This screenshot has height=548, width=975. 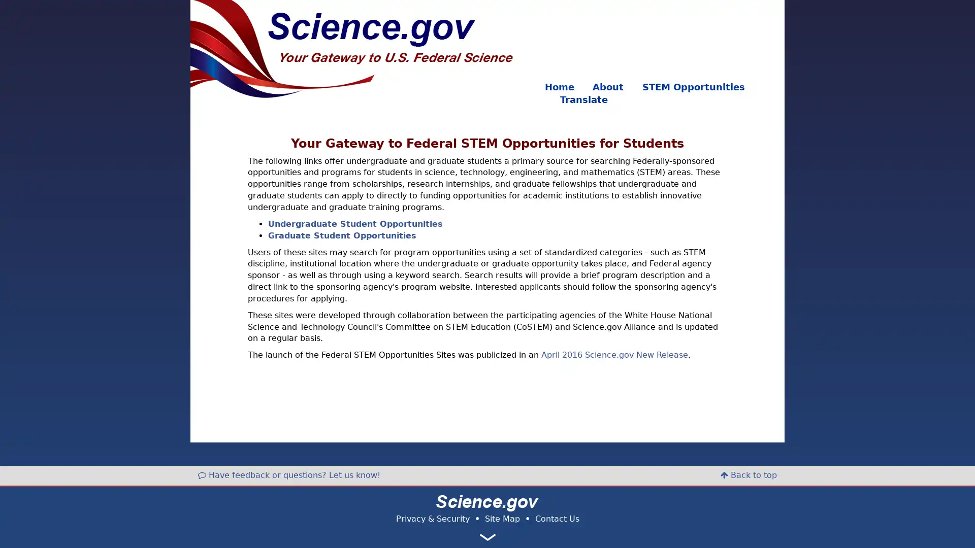 What do you see at coordinates (487, 537) in the screenshot?
I see `expand` at bounding box center [487, 537].